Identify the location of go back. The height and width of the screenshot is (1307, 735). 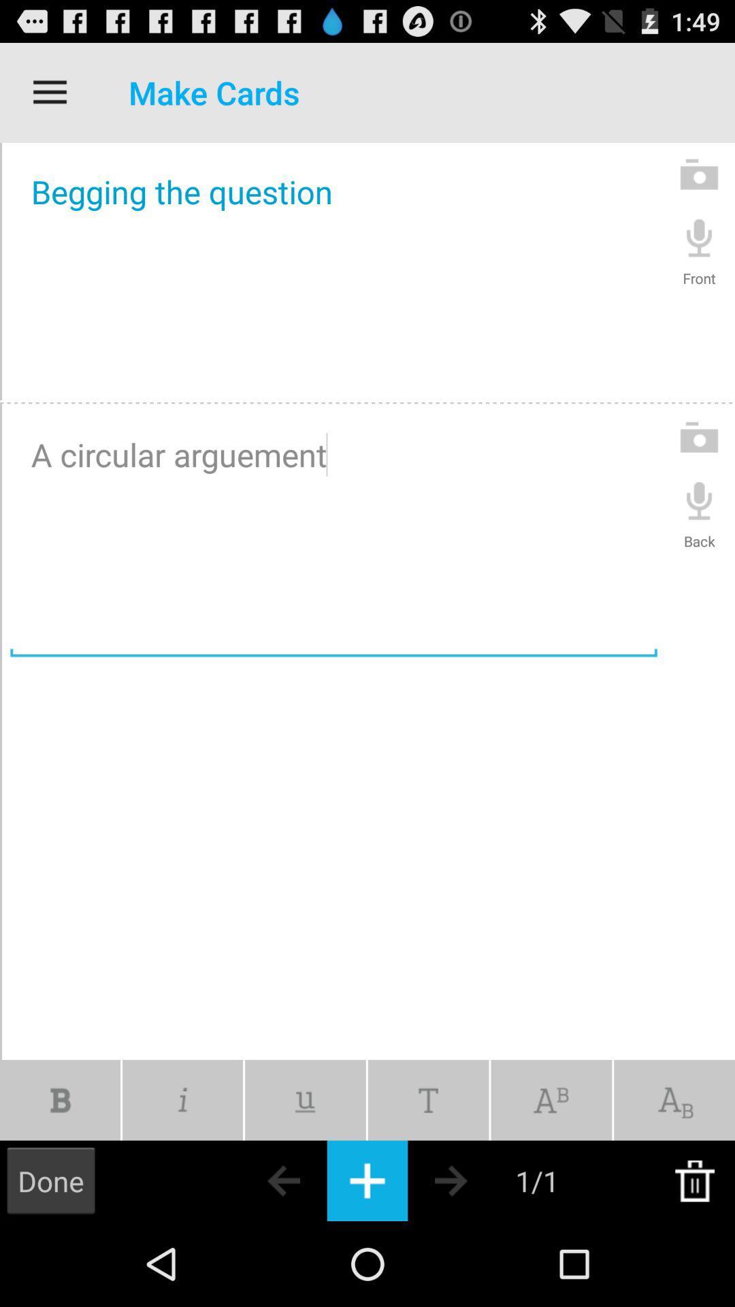
(259, 1180).